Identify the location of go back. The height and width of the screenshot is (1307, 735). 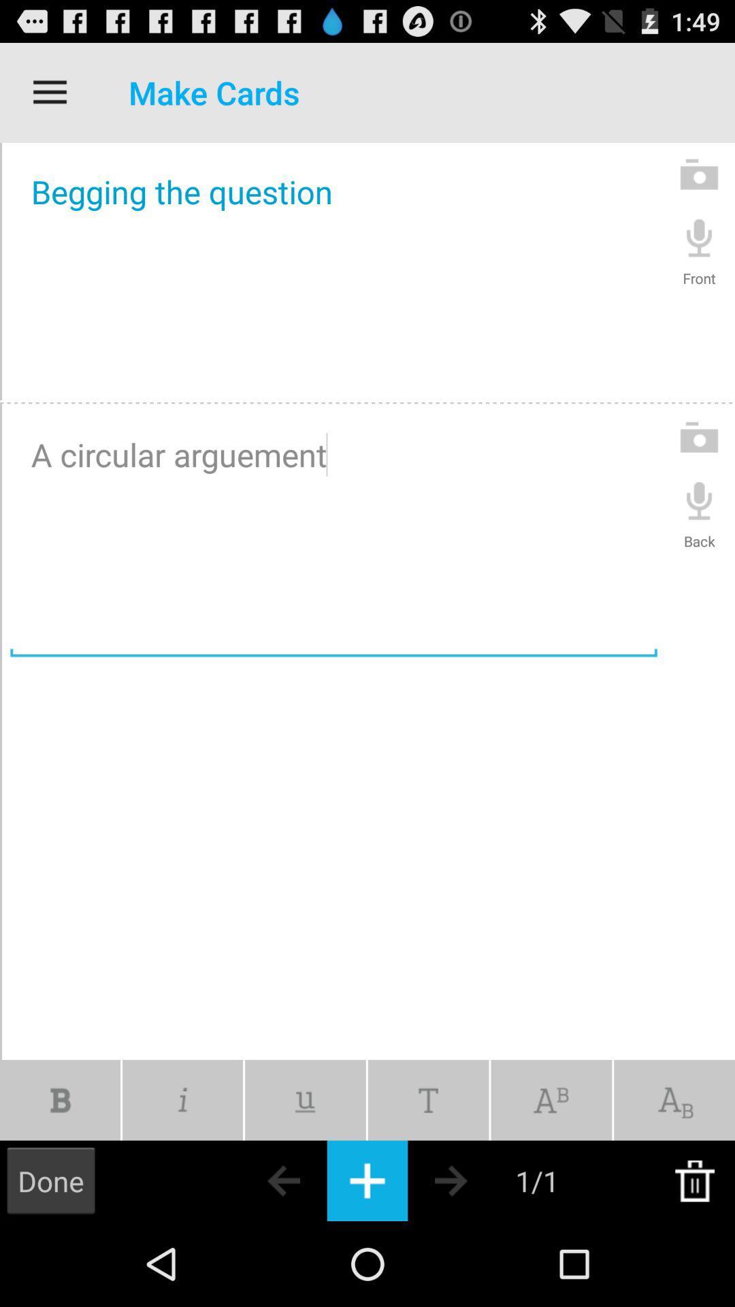
(259, 1180).